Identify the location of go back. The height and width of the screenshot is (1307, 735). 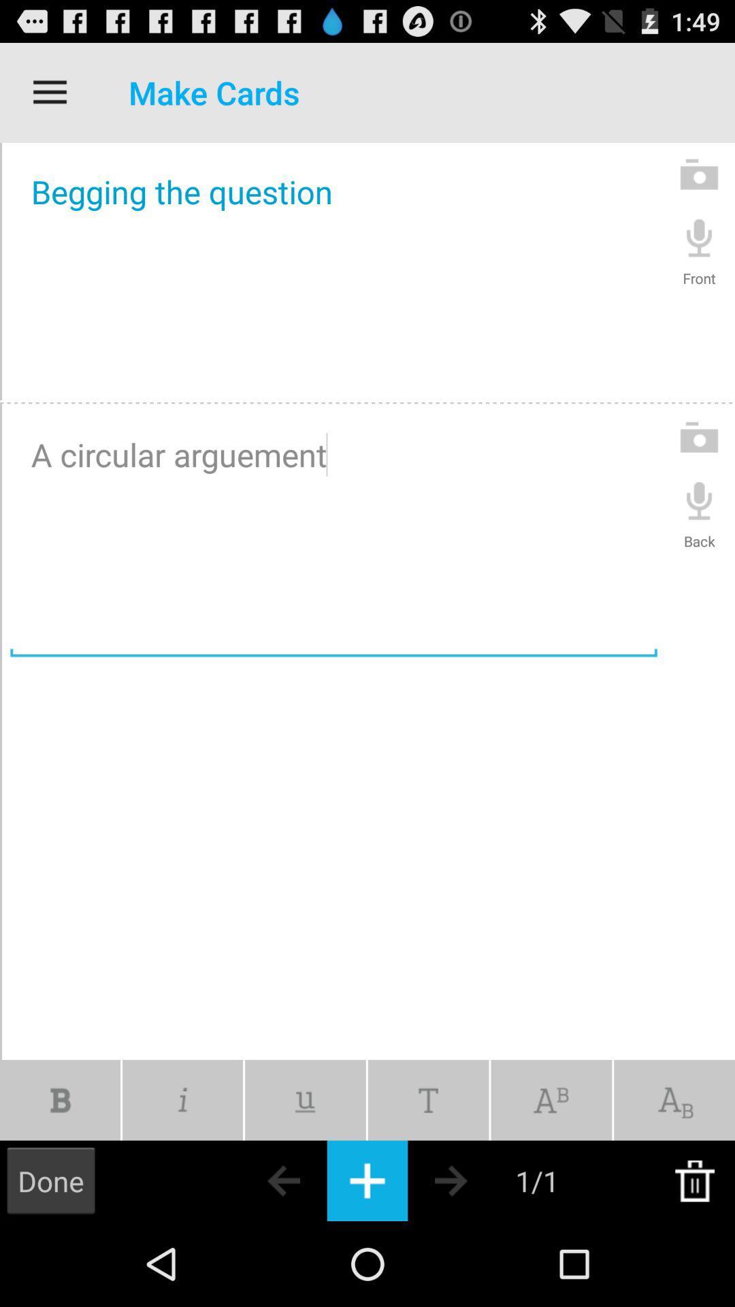
(259, 1180).